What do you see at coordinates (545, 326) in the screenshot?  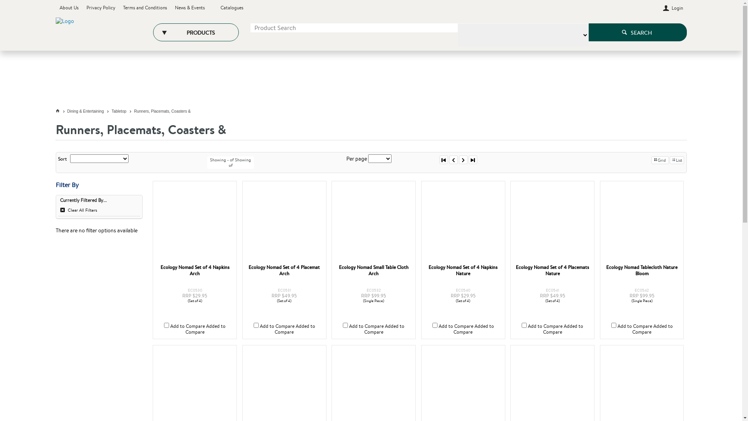 I see `'Add to Compare'` at bounding box center [545, 326].